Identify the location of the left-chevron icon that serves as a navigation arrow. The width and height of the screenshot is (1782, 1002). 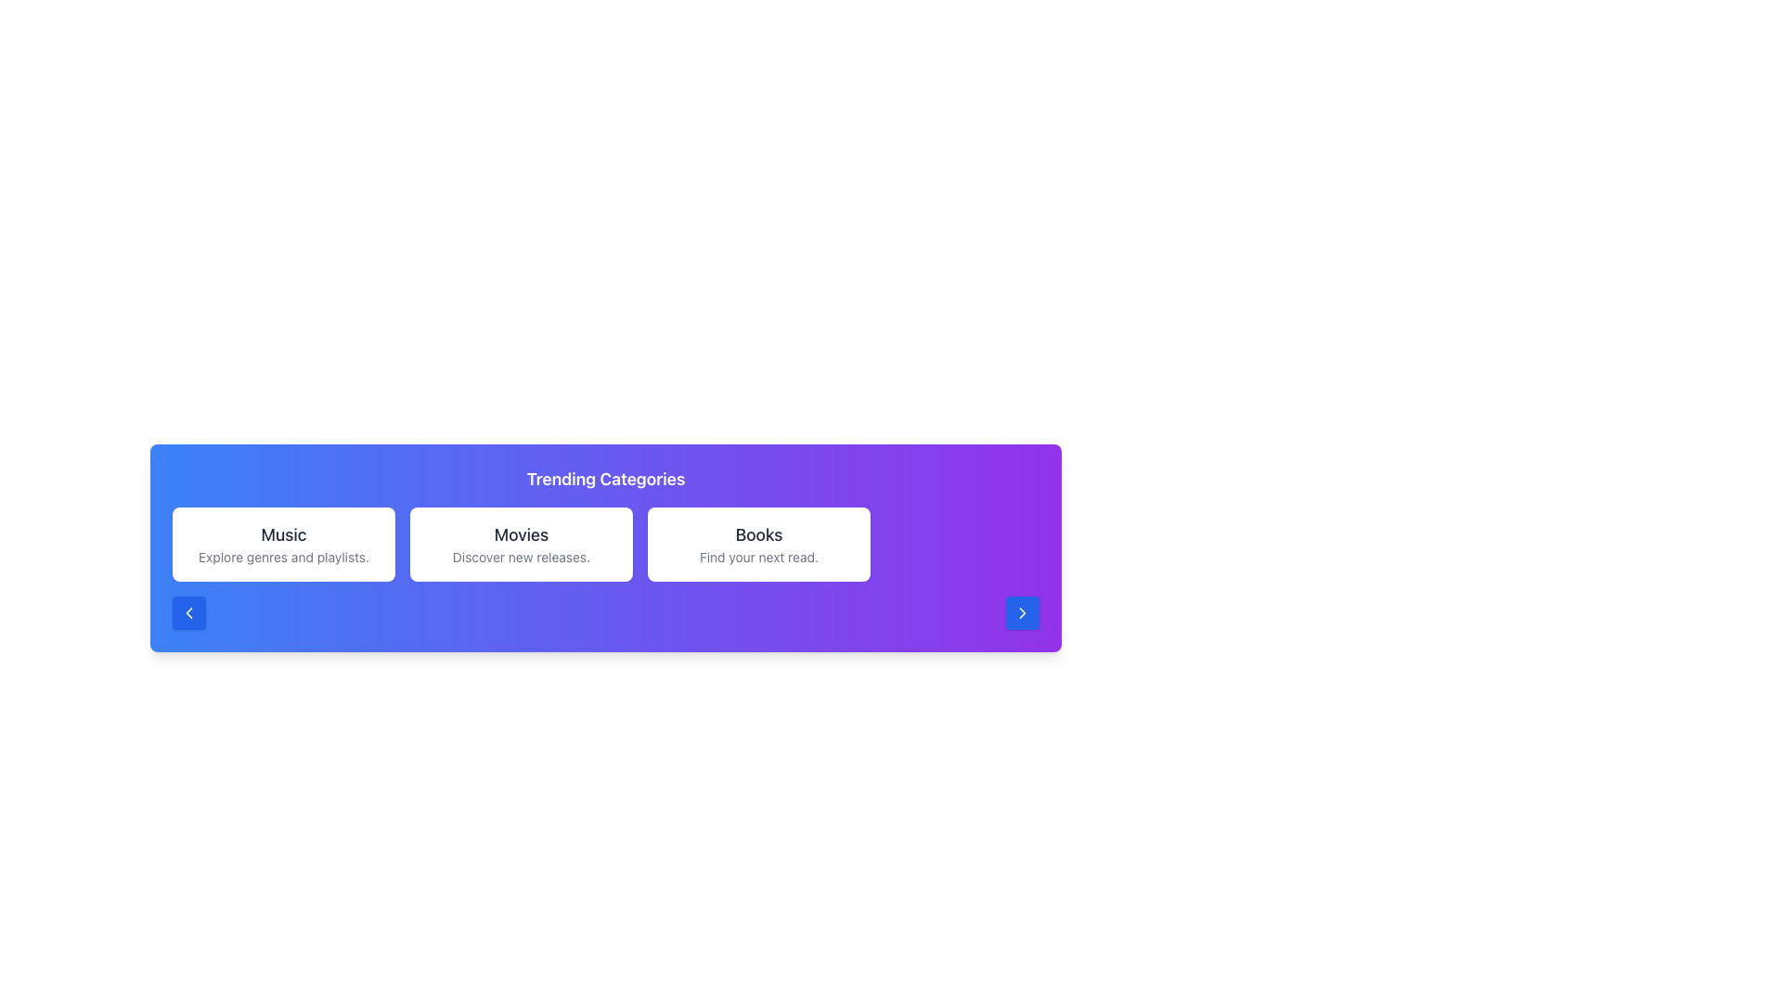
(188, 612).